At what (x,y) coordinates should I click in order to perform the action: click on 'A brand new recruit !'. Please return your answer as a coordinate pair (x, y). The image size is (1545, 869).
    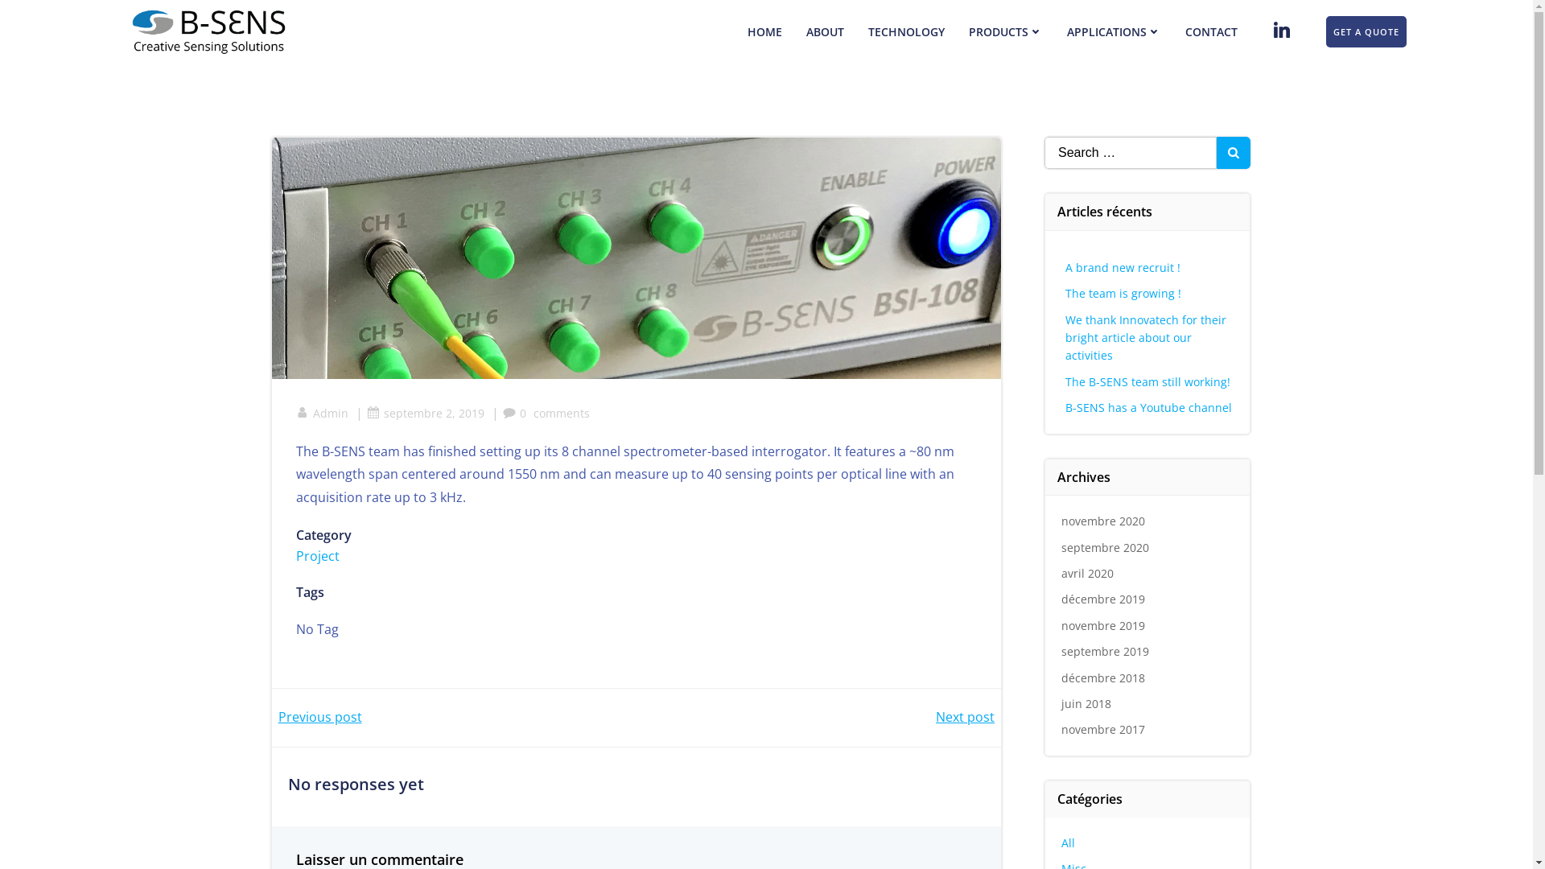
    Looking at the image, I should click on (1122, 266).